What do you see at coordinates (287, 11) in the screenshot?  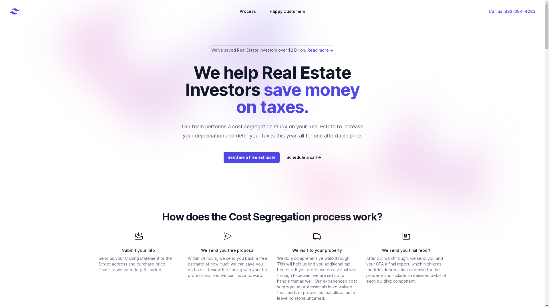 I see `'Happy Customers'` at bounding box center [287, 11].